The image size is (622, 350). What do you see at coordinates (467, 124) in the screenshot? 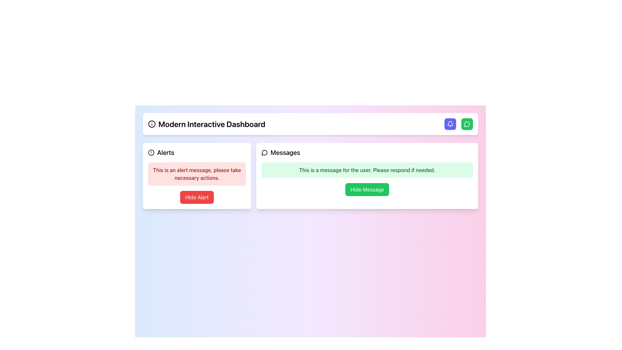
I see `the second button from the right in the top right corner of the interface, which has a speech bubble icon` at bounding box center [467, 124].